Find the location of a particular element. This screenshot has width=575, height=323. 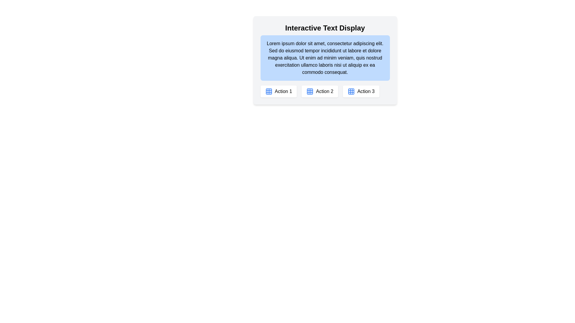

the centered square component in the grid structure that visually represents the grid pattern is located at coordinates (351, 91).